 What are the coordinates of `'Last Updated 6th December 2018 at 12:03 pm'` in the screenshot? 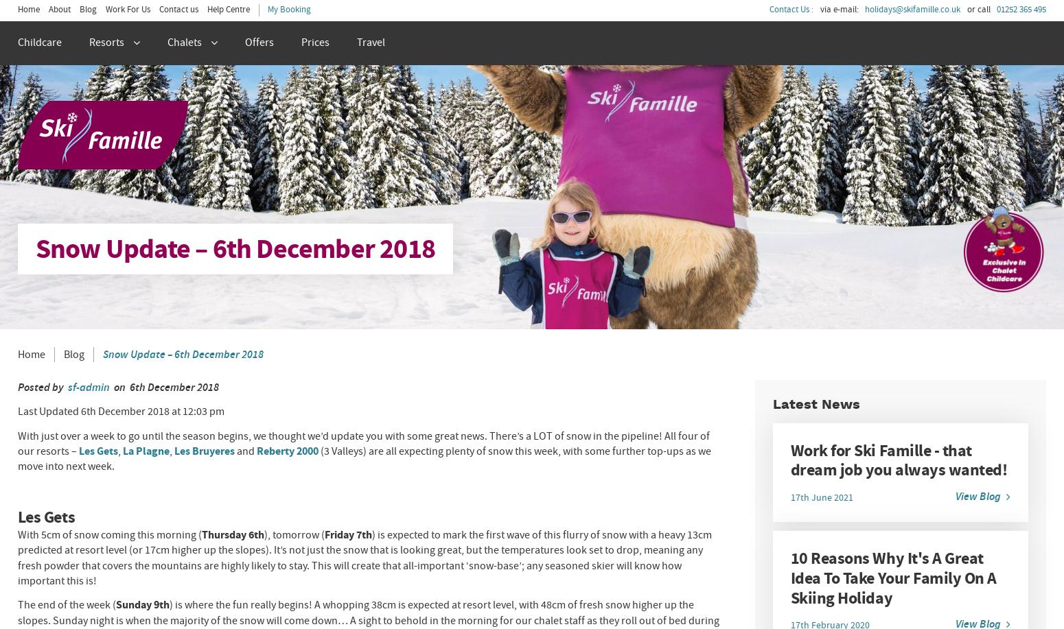 It's located at (119, 410).